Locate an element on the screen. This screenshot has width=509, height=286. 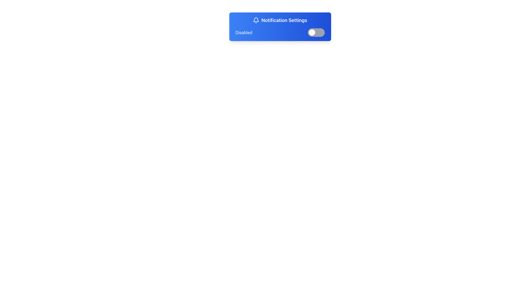
the 'Notification Settings' label, which is styled in bold white font and positioned beside a bell icon on a blue gradient background is located at coordinates (280, 20).